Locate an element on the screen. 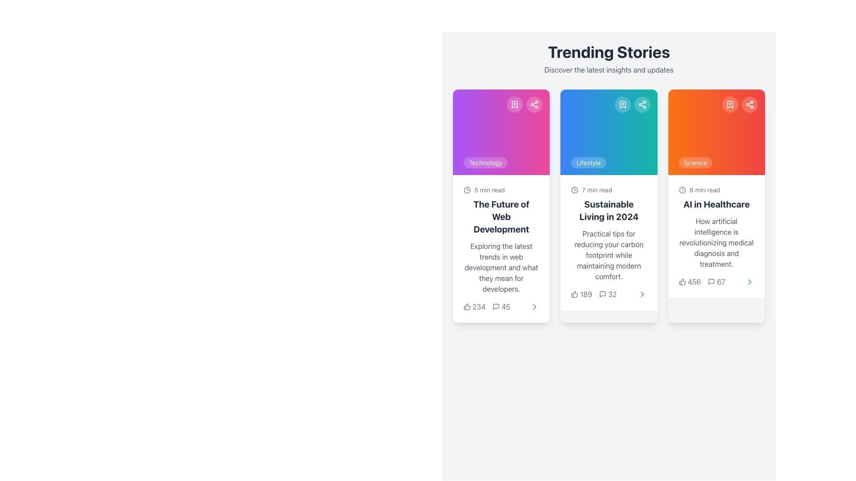 The height and width of the screenshot is (481, 856). the icon that indicates the reading time for the article titled 'AI in Healthcare', located to the left of the '8 min read' text is located at coordinates (682, 190).